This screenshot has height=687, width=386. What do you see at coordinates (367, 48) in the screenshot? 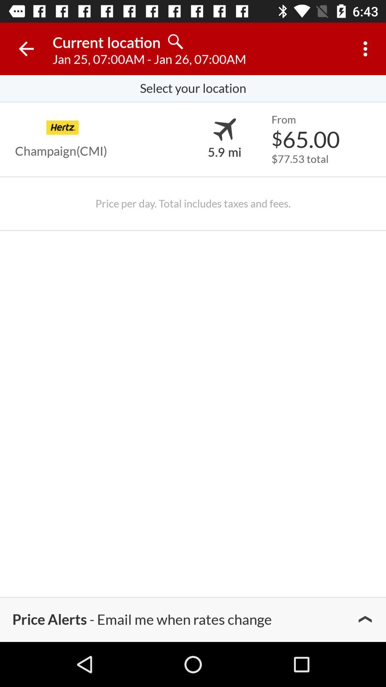
I see `the icon next to the jan 25 07 icon` at bounding box center [367, 48].